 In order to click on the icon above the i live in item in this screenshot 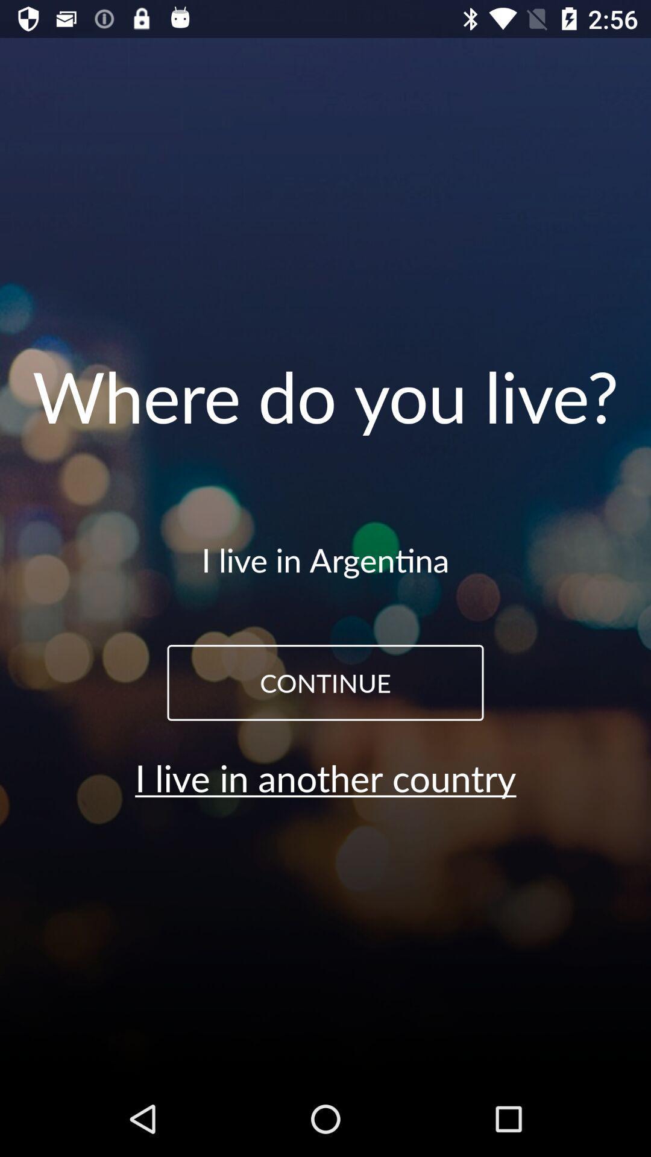, I will do `click(325, 683)`.